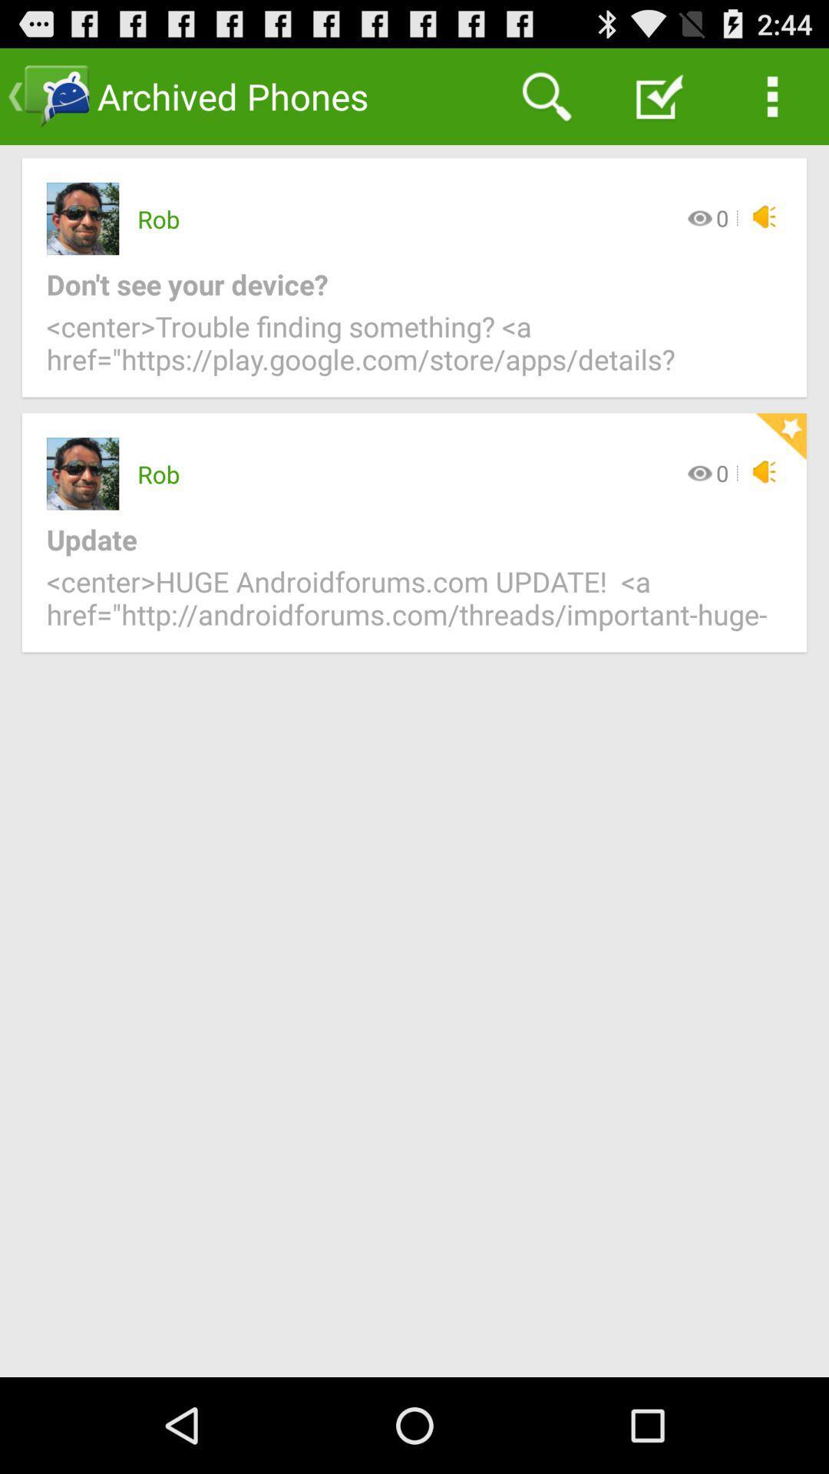  What do you see at coordinates (781, 435) in the screenshot?
I see `the icon above update icon` at bounding box center [781, 435].